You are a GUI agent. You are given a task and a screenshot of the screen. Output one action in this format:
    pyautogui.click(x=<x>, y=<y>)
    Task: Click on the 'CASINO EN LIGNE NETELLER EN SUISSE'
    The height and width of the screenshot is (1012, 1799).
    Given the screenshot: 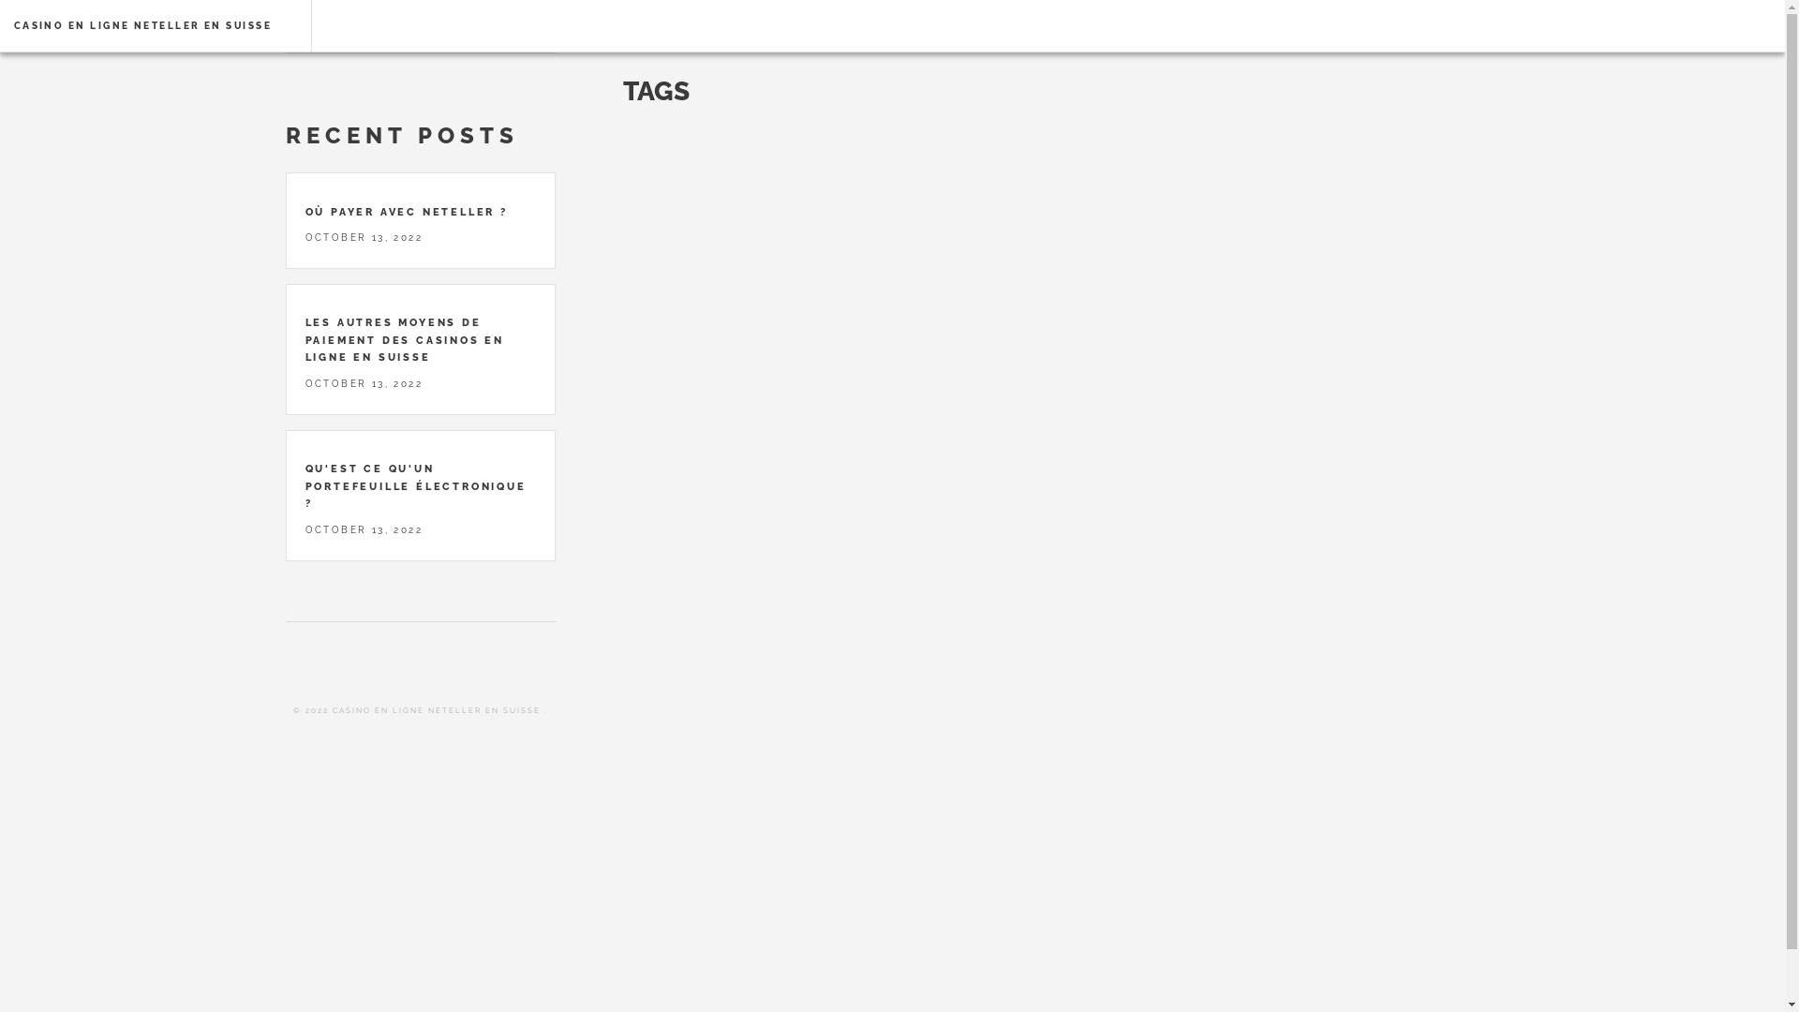 What is the action you would take?
    pyautogui.click(x=141, y=25)
    